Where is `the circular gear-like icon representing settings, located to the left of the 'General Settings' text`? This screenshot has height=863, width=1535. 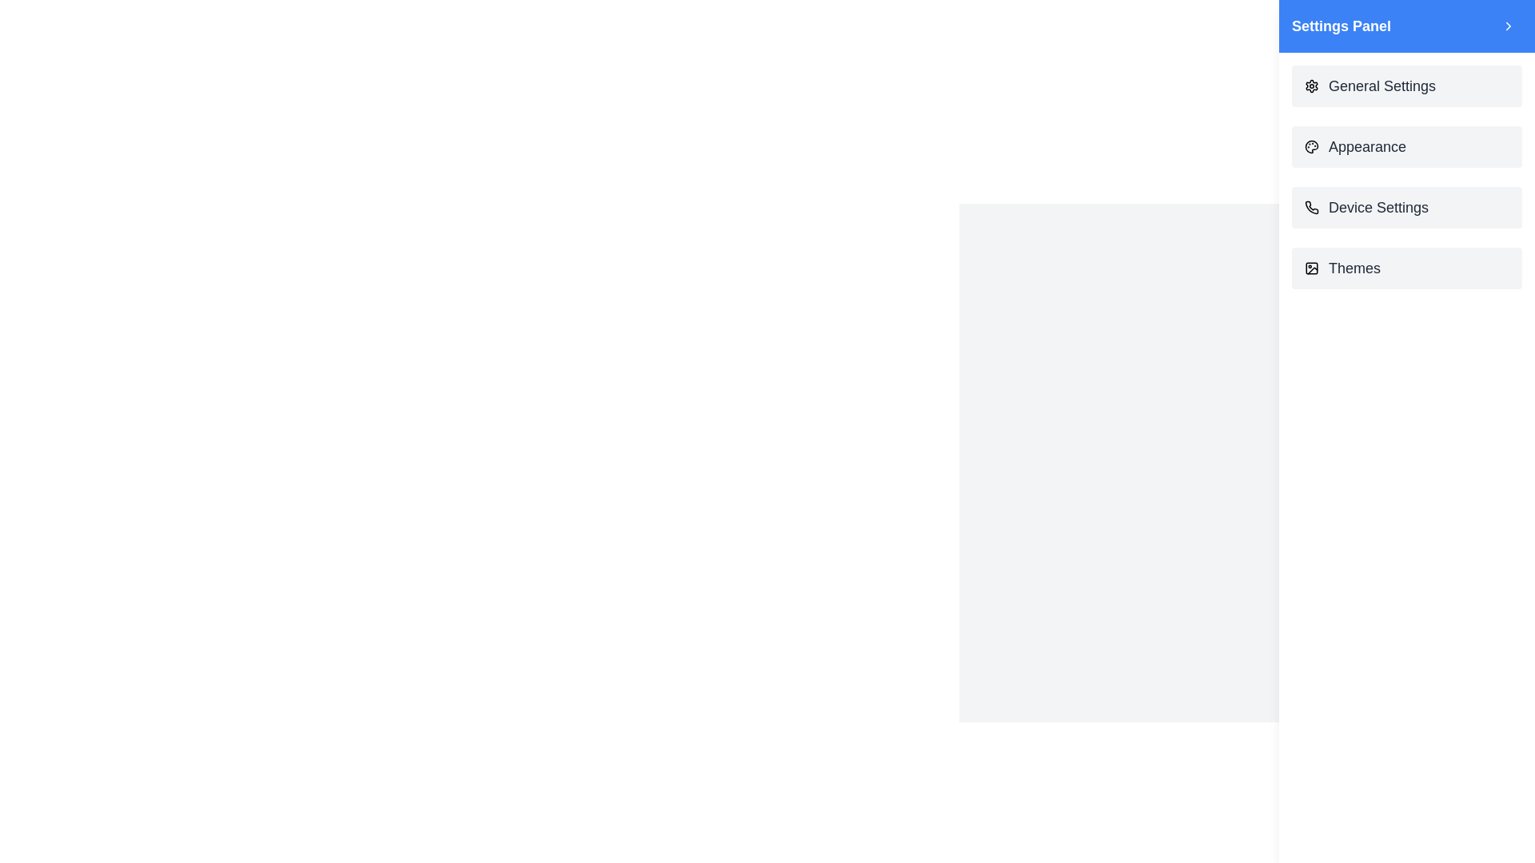 the circular gear-like icon representing settings, located to the left of the 'General Settings' text is located at coordinates (1312, 86).